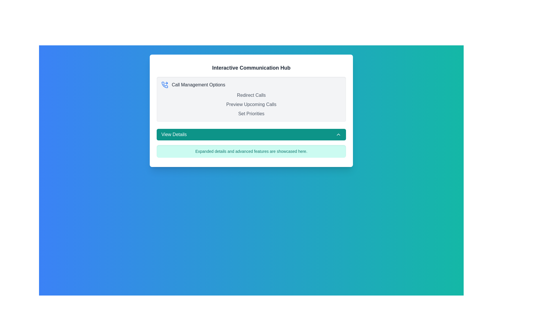 The image size is (555, 312). What do you see at coordinates (251, 111) in the screenshot?
I see `the call management options within the communication settings card` at bounding box center [251, 111].